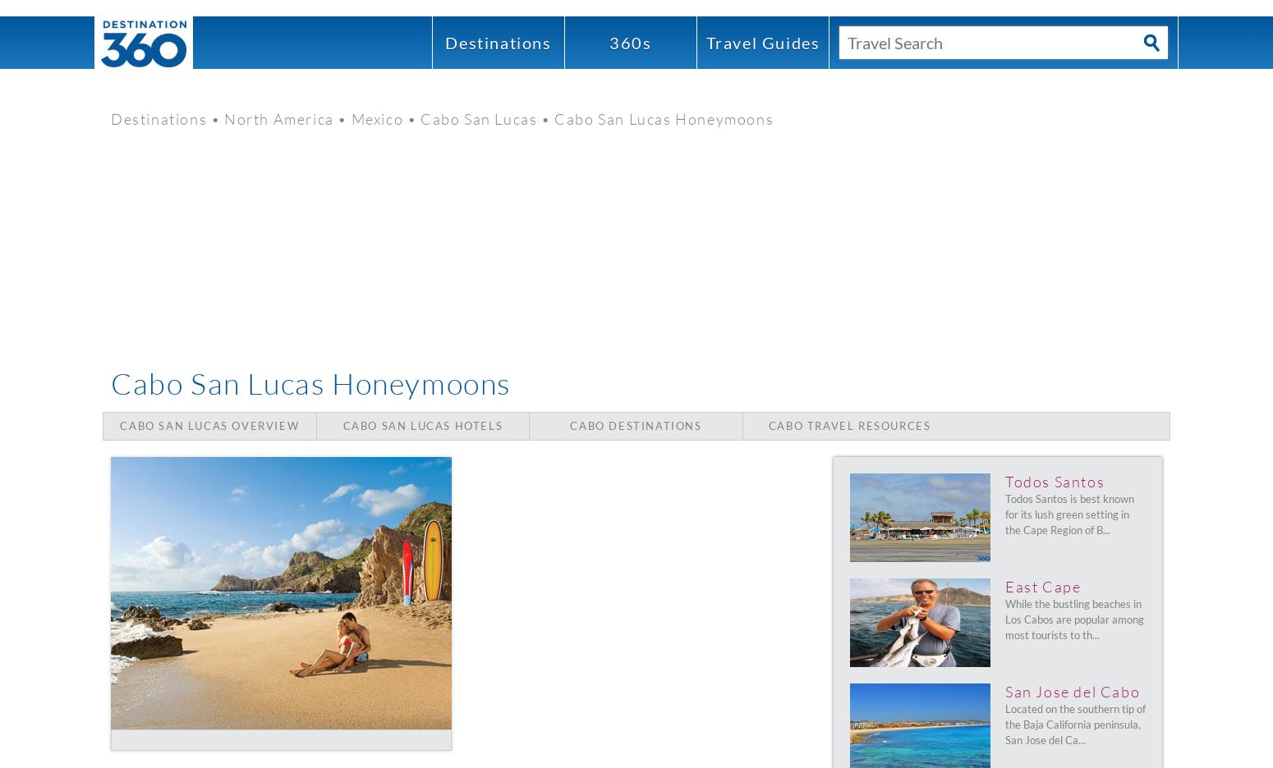 This screenshot has width=1273, height=768. I want to click on 'Todos Santos is best known for its lush green setting in the Cape Region of B...', so click(1068, 513).